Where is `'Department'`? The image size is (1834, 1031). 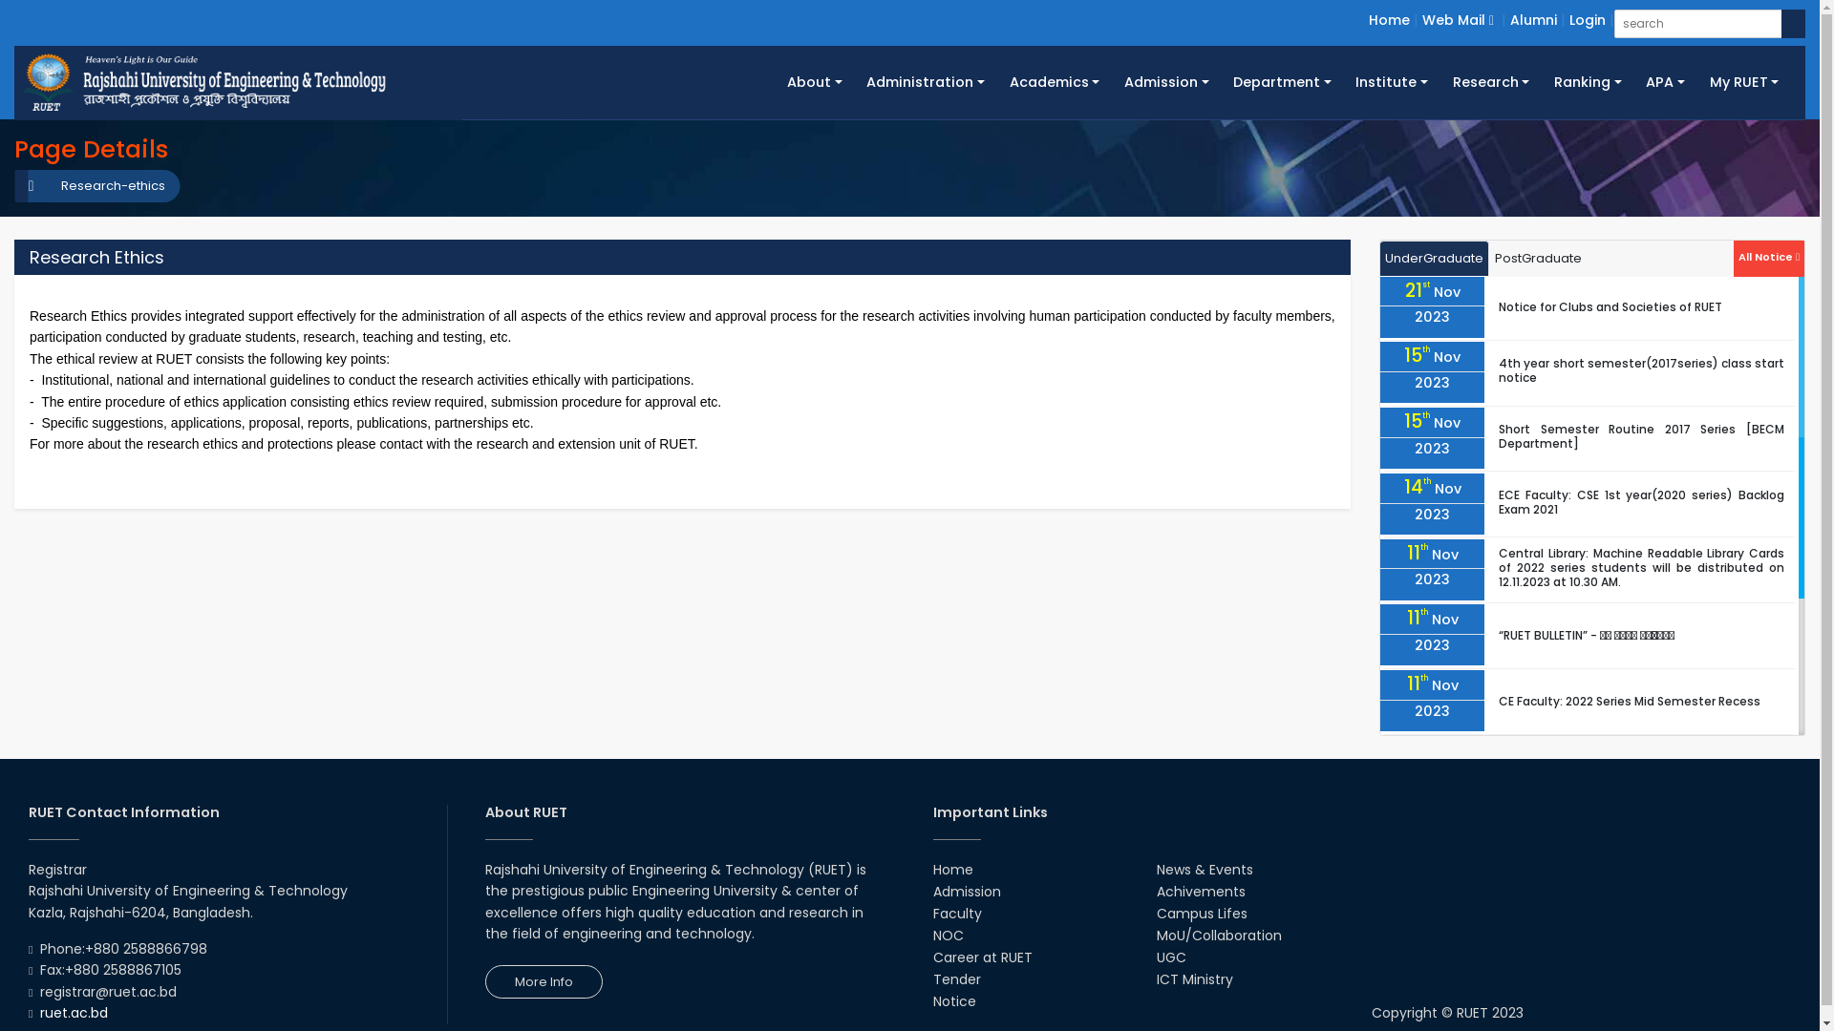
'Department' is located at coordinates (1219, 81).